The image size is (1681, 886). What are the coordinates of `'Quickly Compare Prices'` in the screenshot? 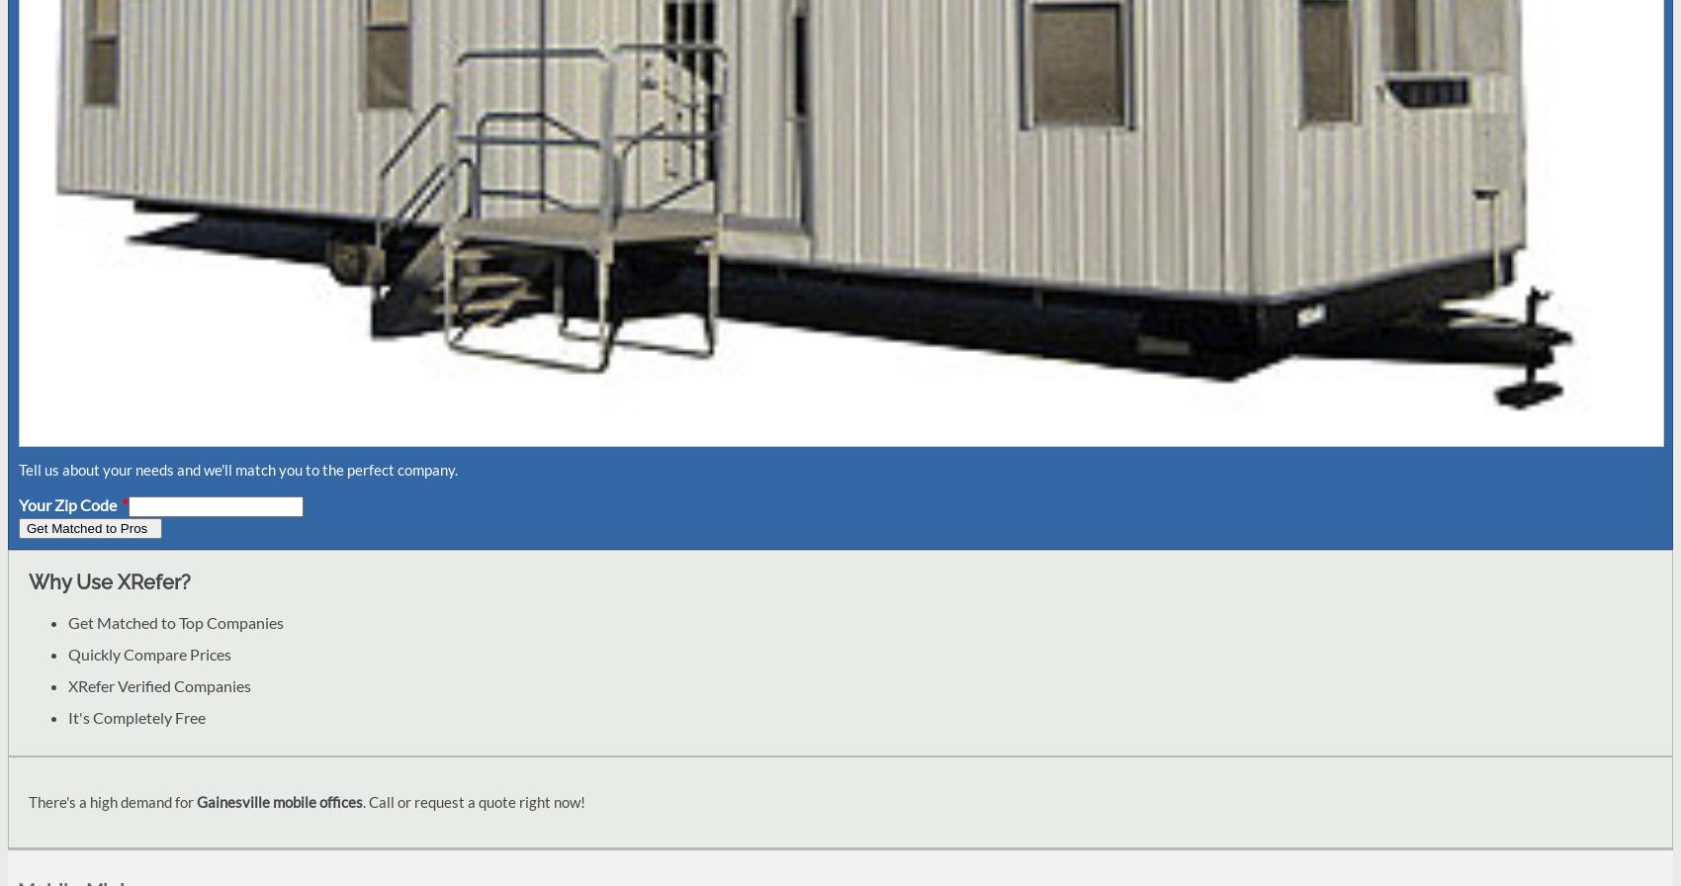 It's located at (148, 653).